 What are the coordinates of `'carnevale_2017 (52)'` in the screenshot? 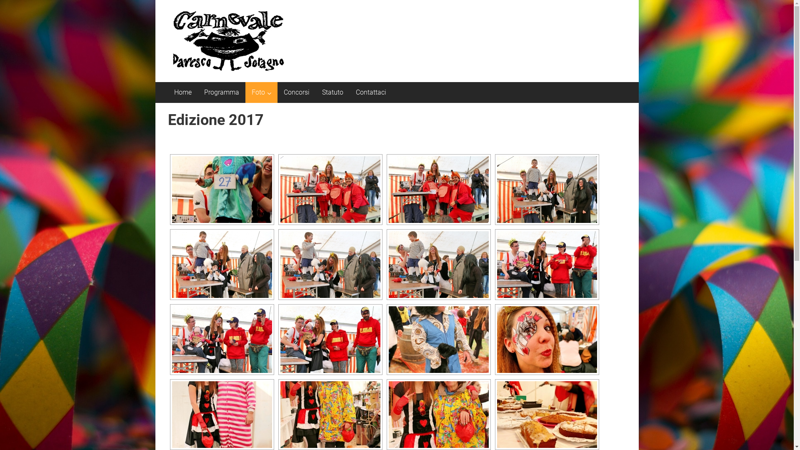 It's located at (222, 415).